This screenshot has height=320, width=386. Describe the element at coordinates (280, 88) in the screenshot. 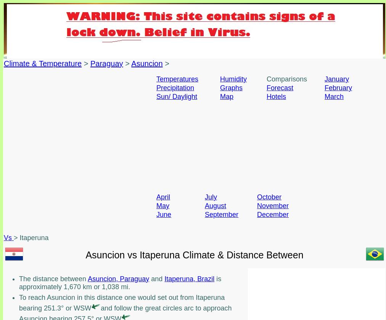

I see `'Forecast'` at that location.